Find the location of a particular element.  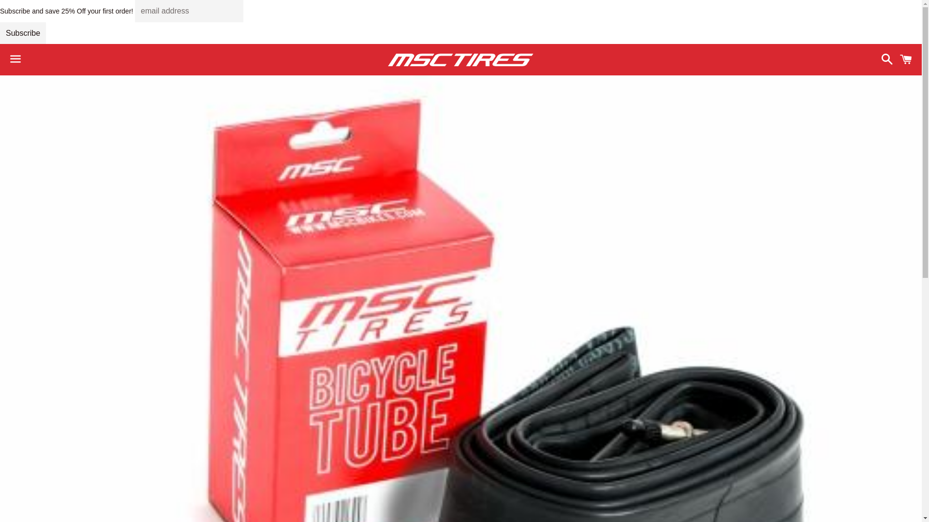

'Cart' is located at coordinates (905, 59).